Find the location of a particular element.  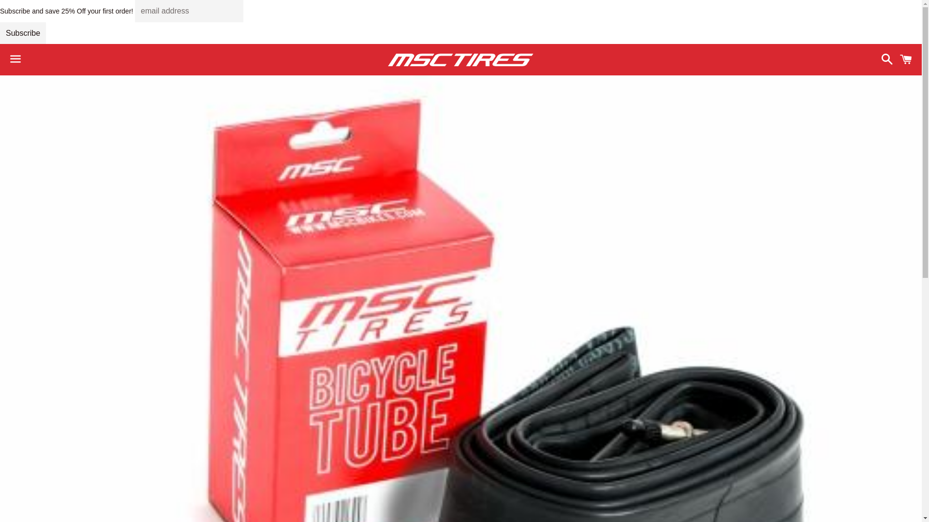

'Cart' is located at coordinates (905, 59).